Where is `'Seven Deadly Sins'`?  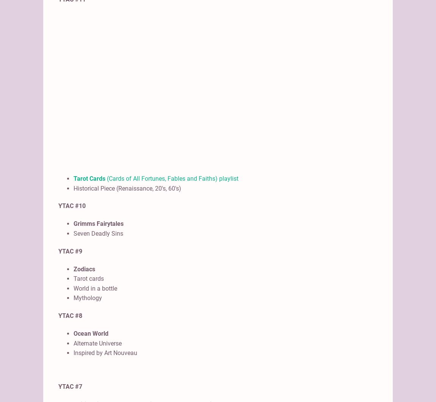 'Seven Deadly Sins' is located at coordinates (73, 233).